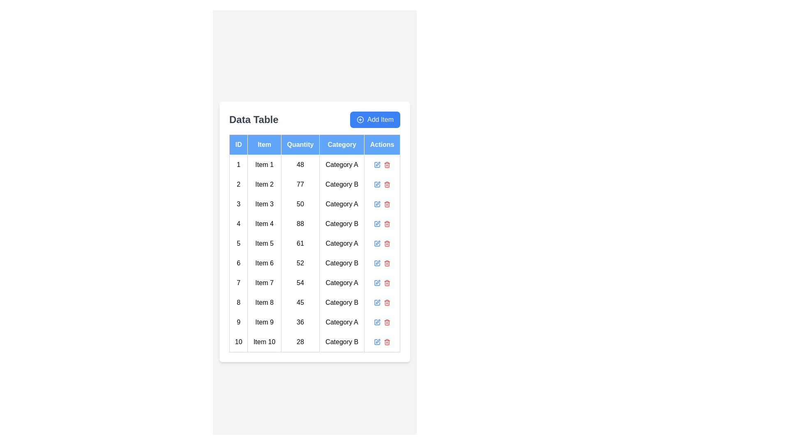 Image resolution: width=789 pixels, height=443 pixels. I want to click on the table cell displaying the quantity value for 'Item 4' in the fourth row under the 'Quantity' column, so click(300, 224).